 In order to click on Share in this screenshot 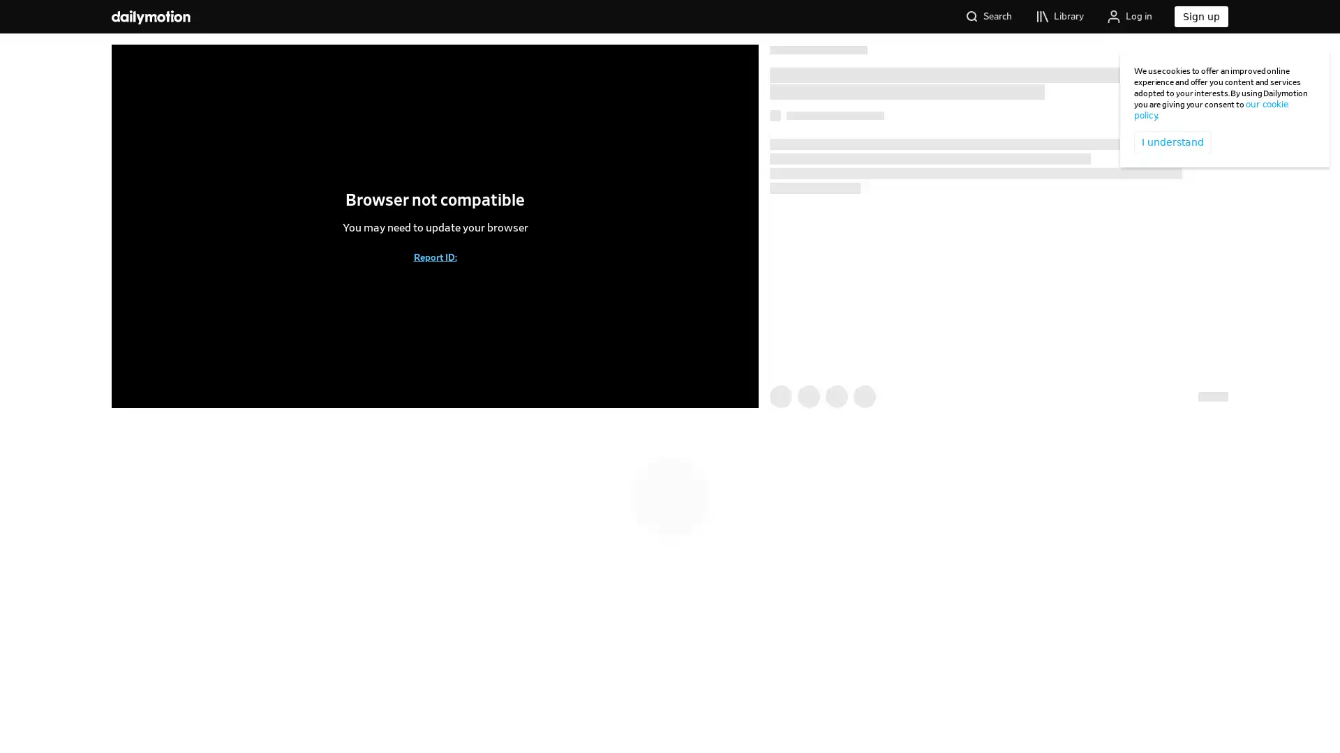, I will do `click(836, 352)`.